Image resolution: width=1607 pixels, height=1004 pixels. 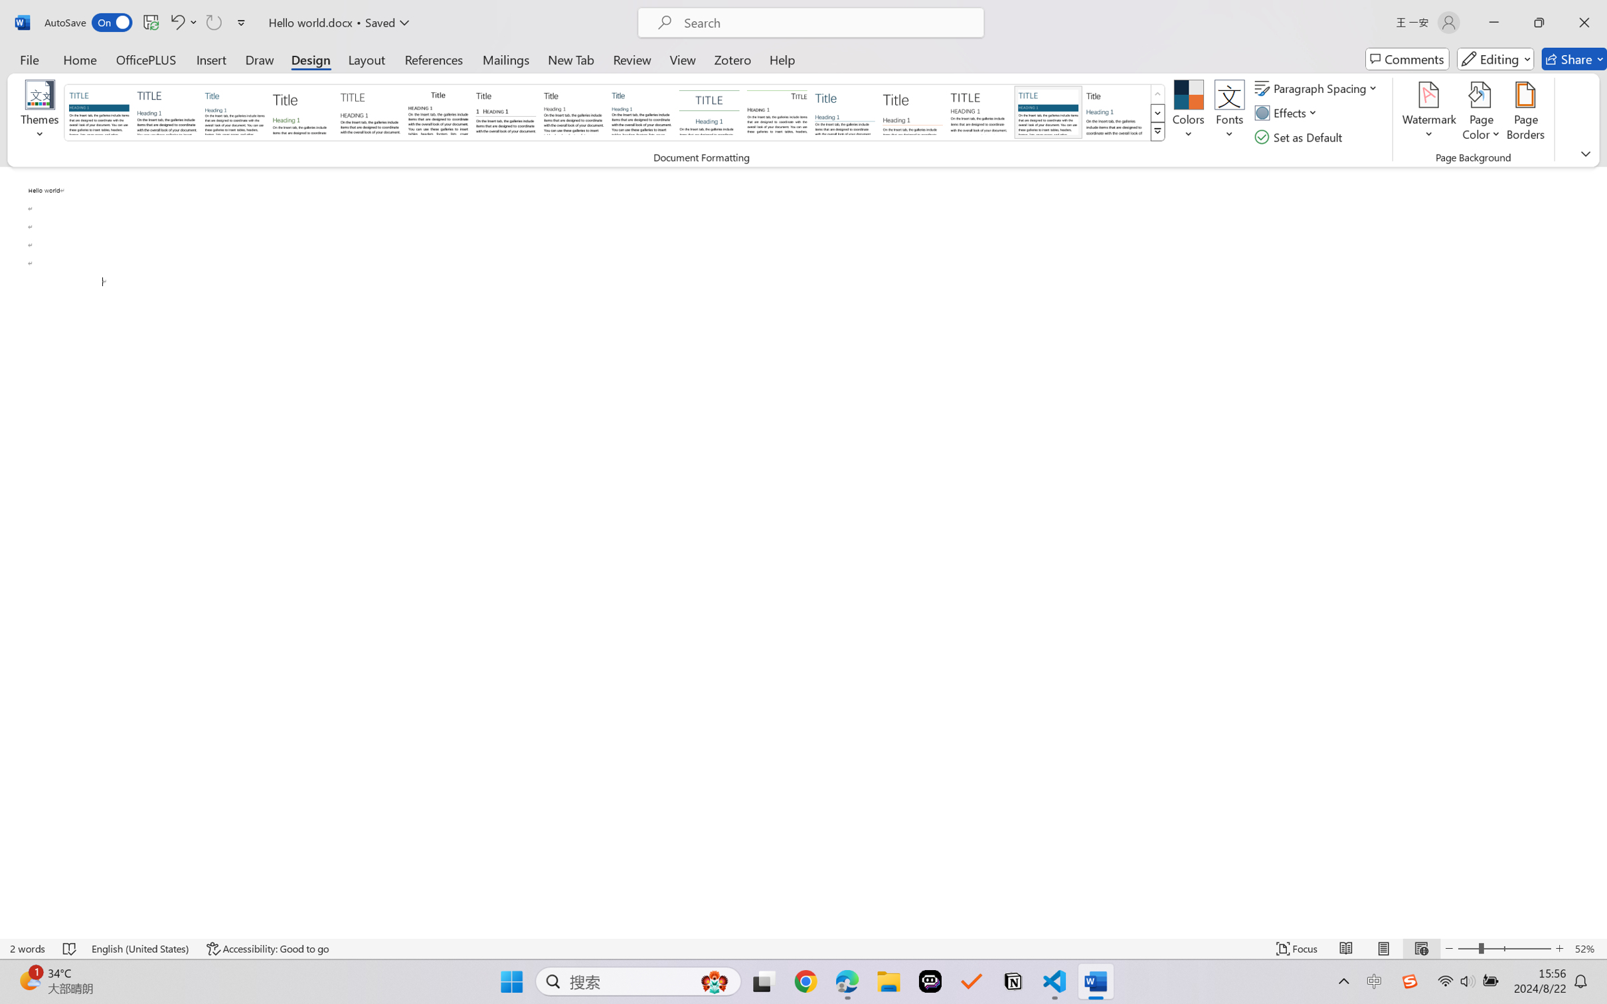 I want to click on 'Class: NetUIImage', so click(x=1157, y=131).